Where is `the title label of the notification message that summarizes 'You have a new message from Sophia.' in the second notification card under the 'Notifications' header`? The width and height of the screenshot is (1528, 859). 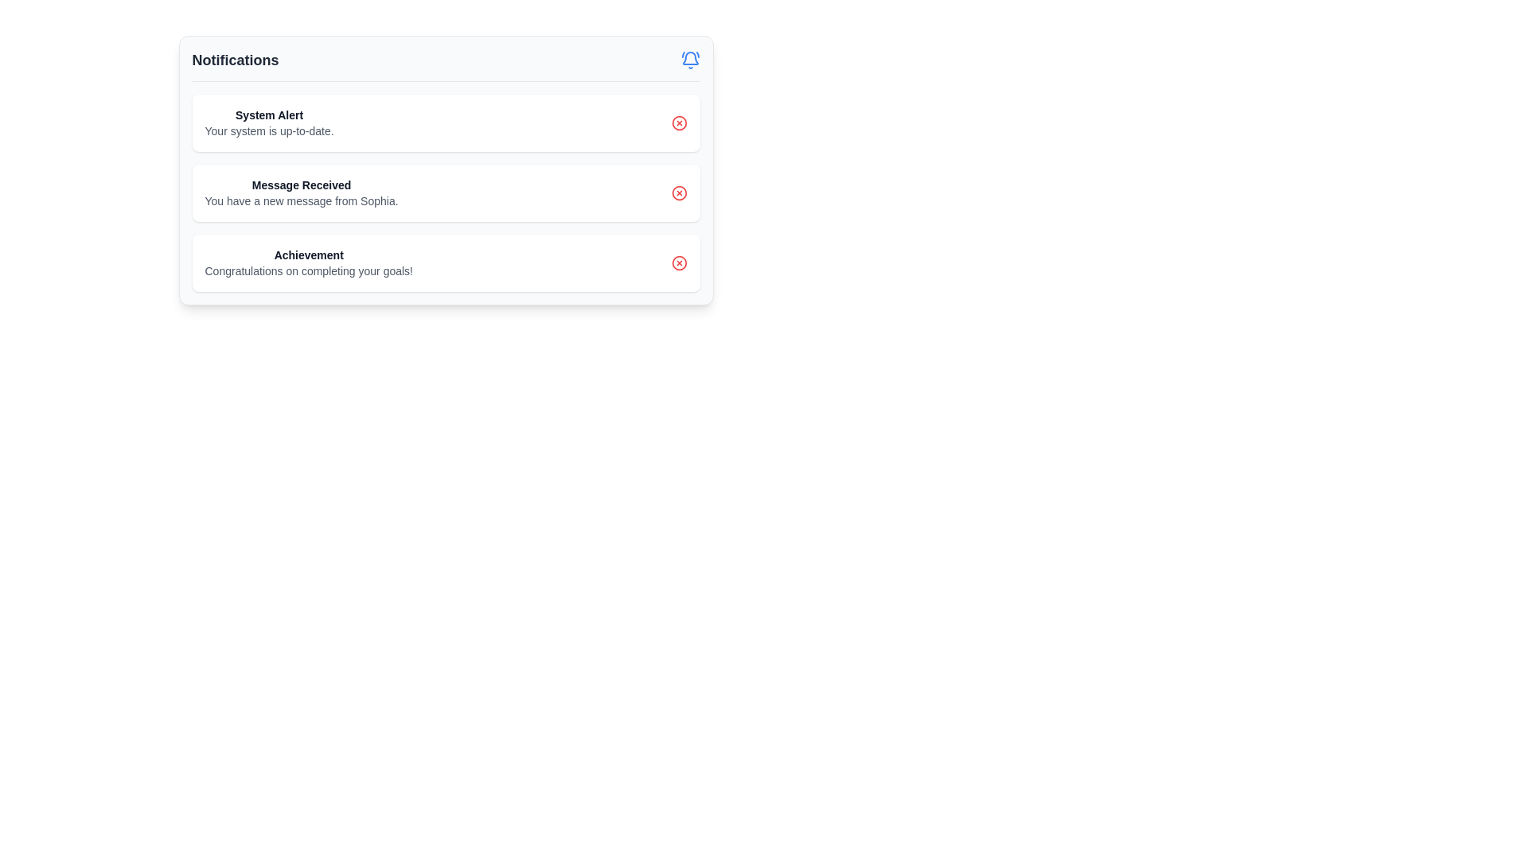 the title label of the notification message that summarizes 'You have a new message from Sophia.' in the second notification card under the 'Notifications' header is located at coordinates (302, 184).